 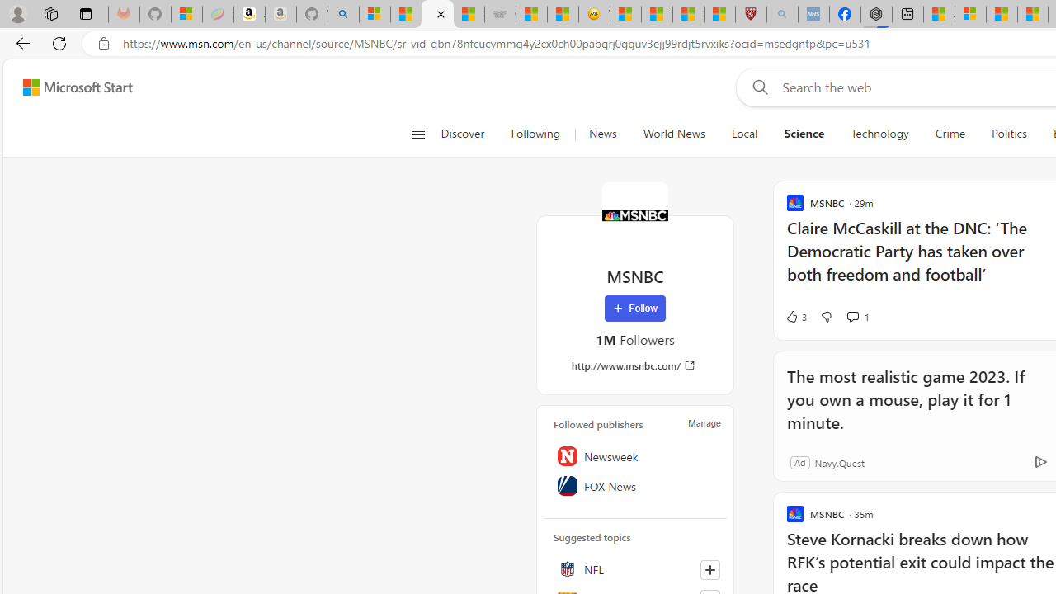 I want to click on '12 Popular Science Lies that Must be Corrected', so click(x=719, y=14).